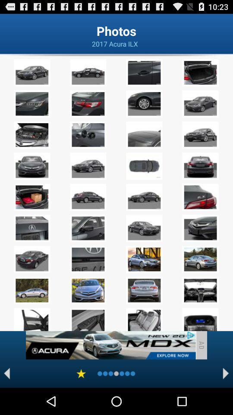 Image resolution: width=233 pixels, height=415 pixels. I want to click on next page, so click(226, 373).